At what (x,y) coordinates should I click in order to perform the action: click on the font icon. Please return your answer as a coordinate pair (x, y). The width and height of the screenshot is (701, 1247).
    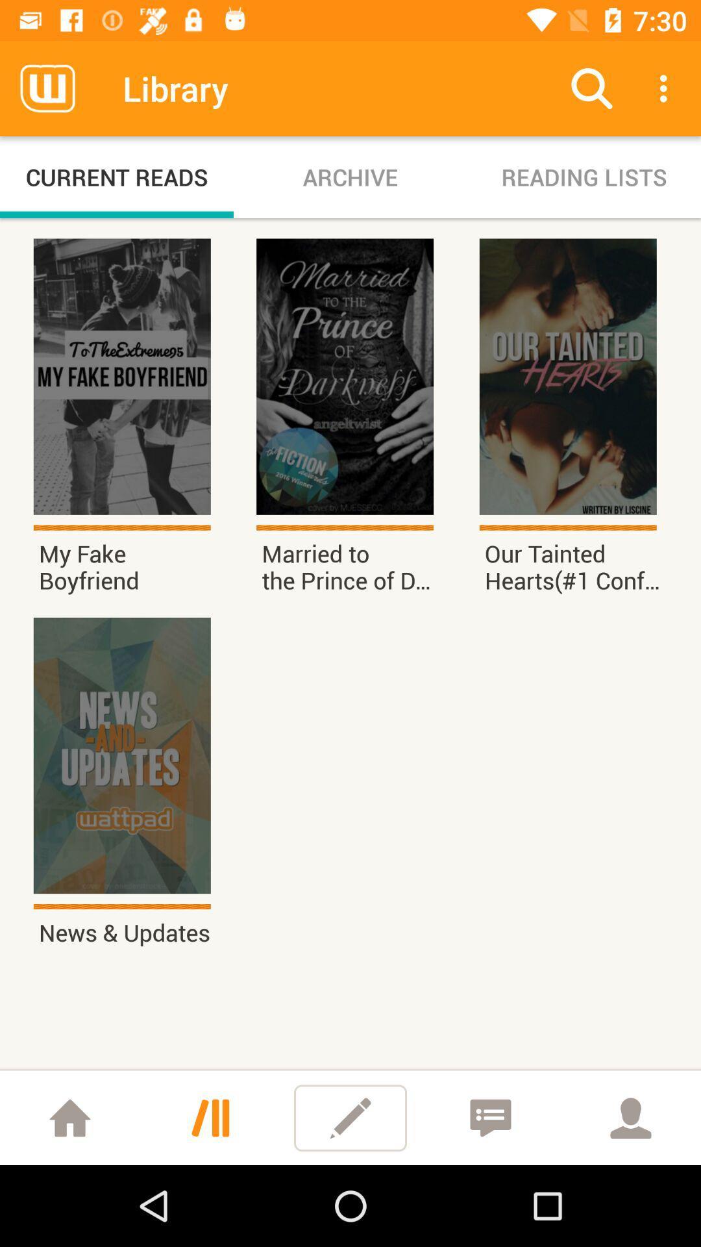
    Looking at the image, I should click on (210, 1117).